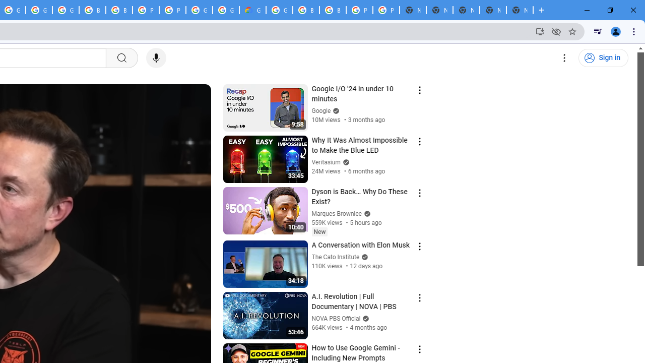  I want to click on 'Search with your voice', so click(155, 58).